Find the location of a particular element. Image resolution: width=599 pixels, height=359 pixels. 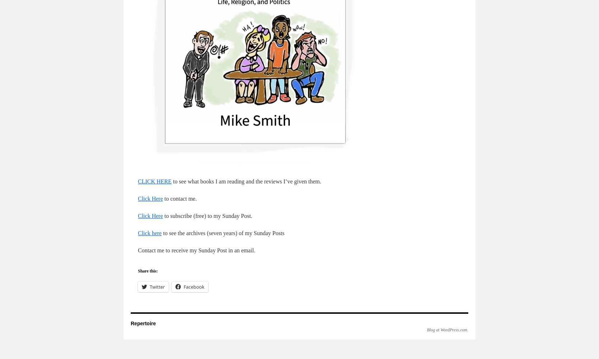

'Click here' is located at coordinates (150, 233).